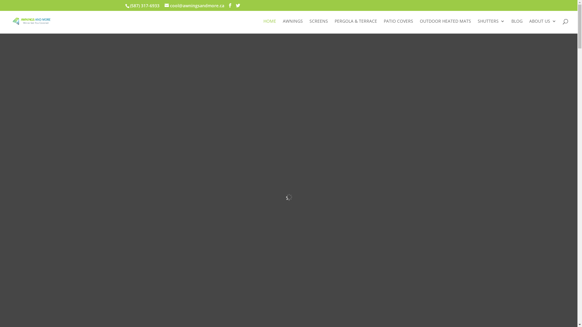 The image size is (582, 327). What do you see at coordinates (318, 26) in the screenshot?
I see `'SCREENS'` at bounding box center [318, 26].